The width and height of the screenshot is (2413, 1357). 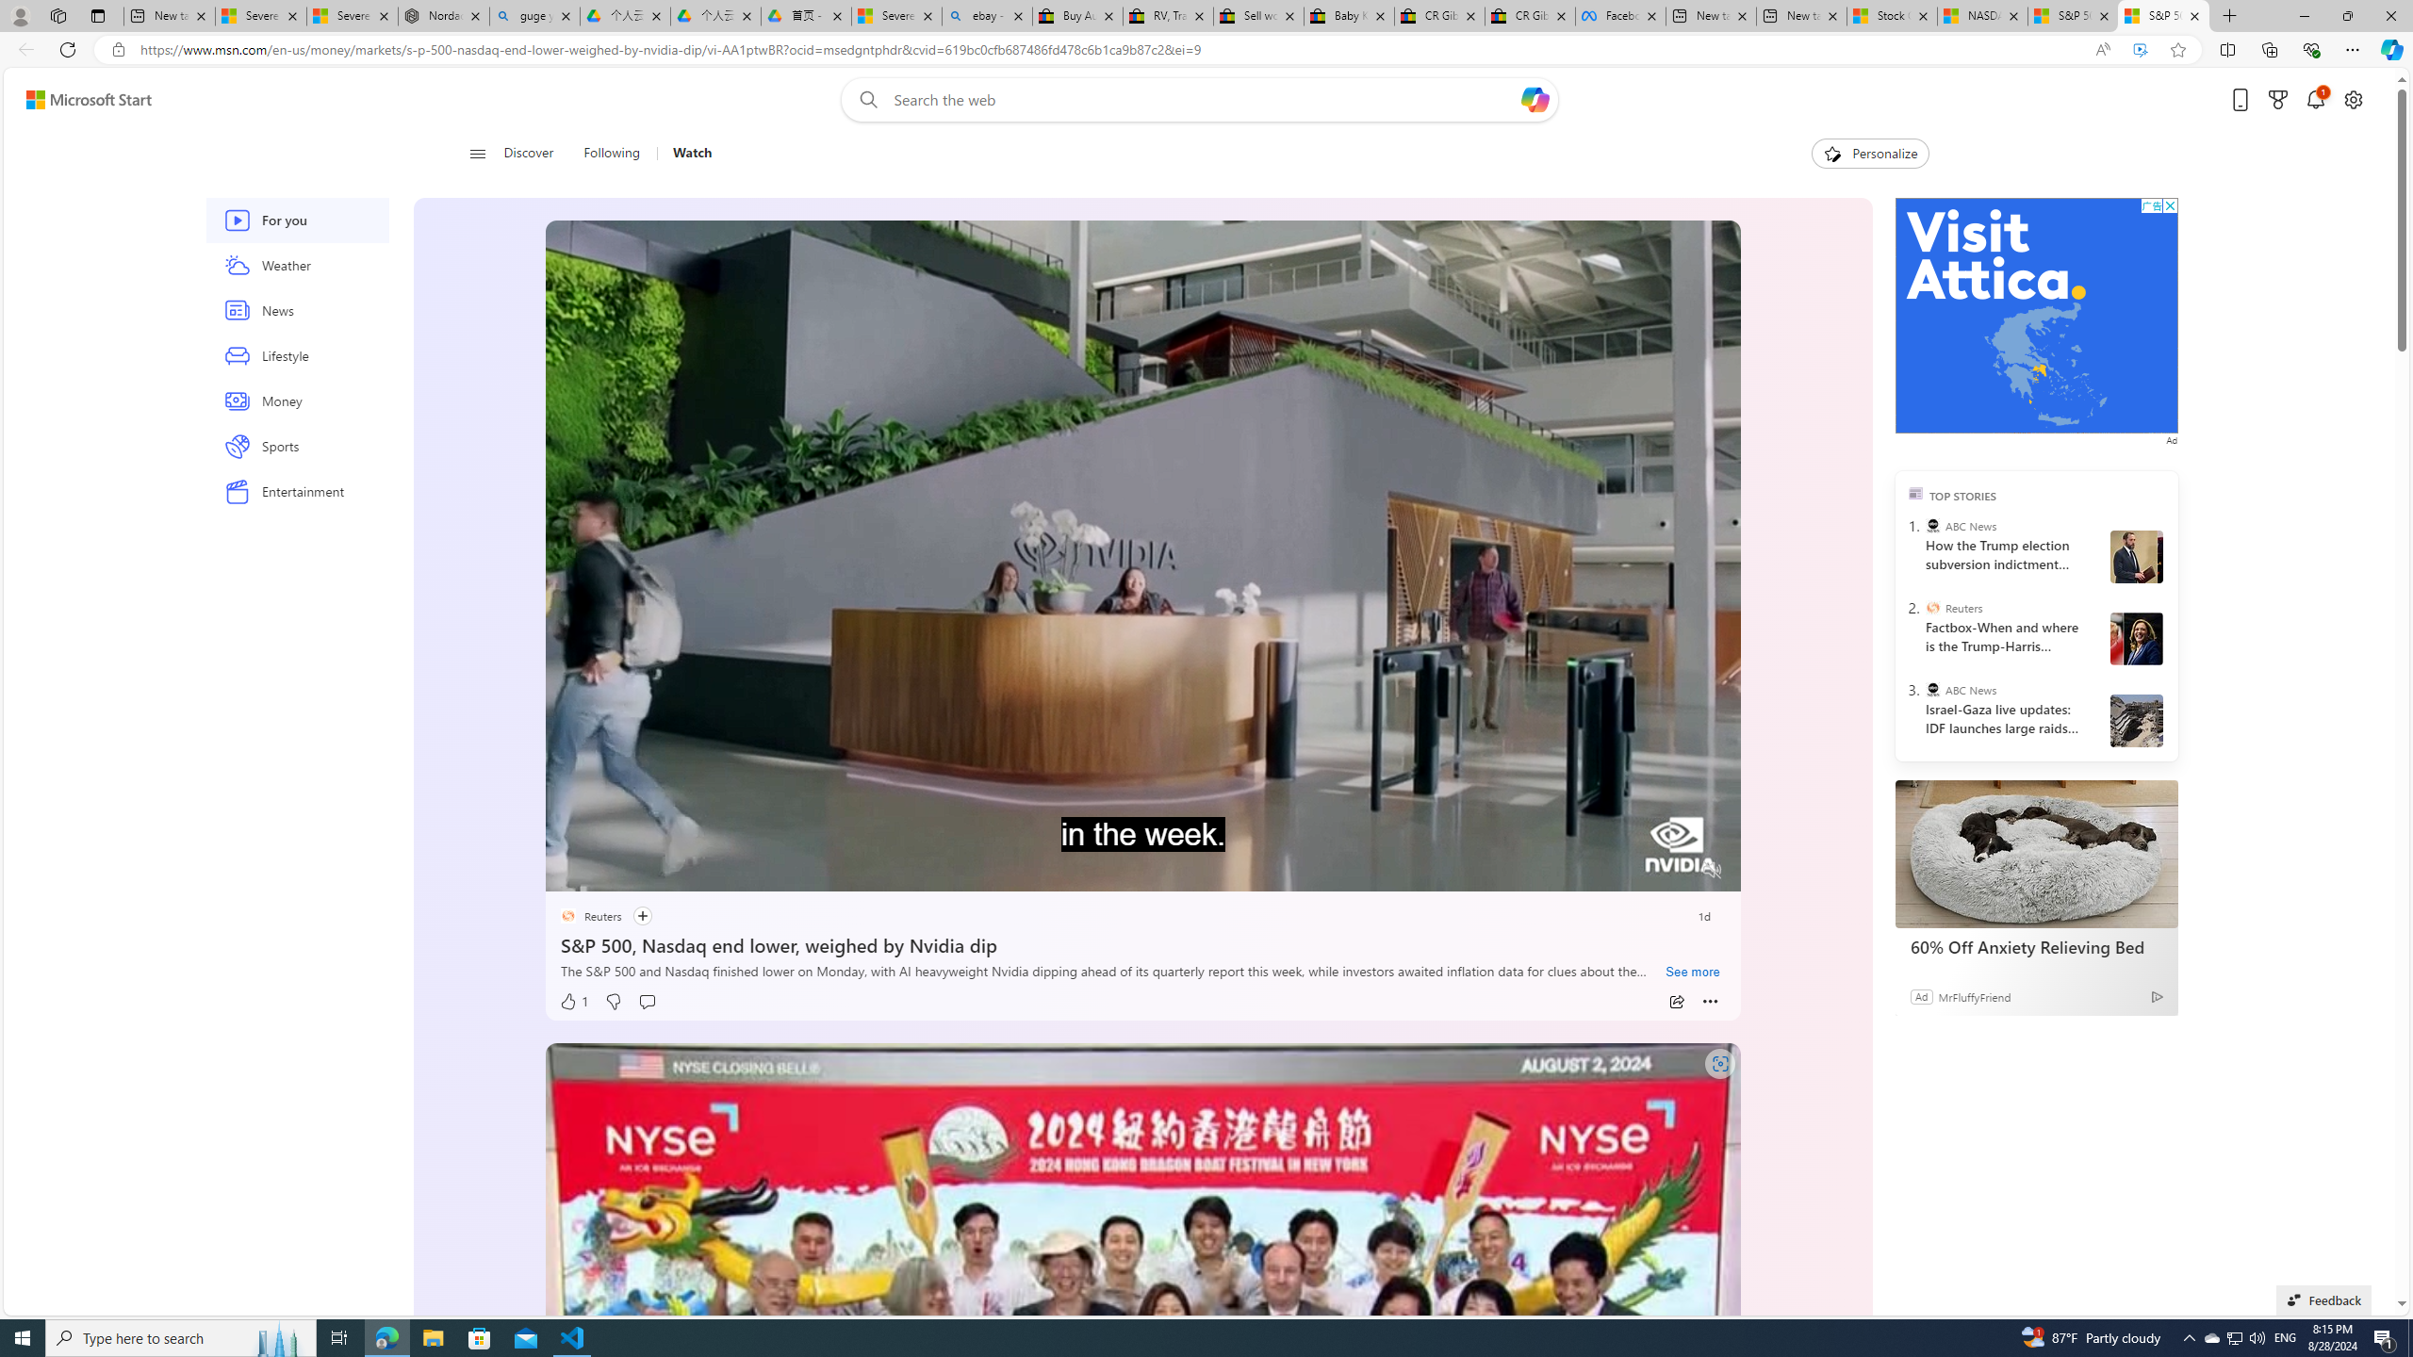 I want to click on 'Baby Keepsakes & Announcements for sale | eBay', so click(x=1348, y=15).